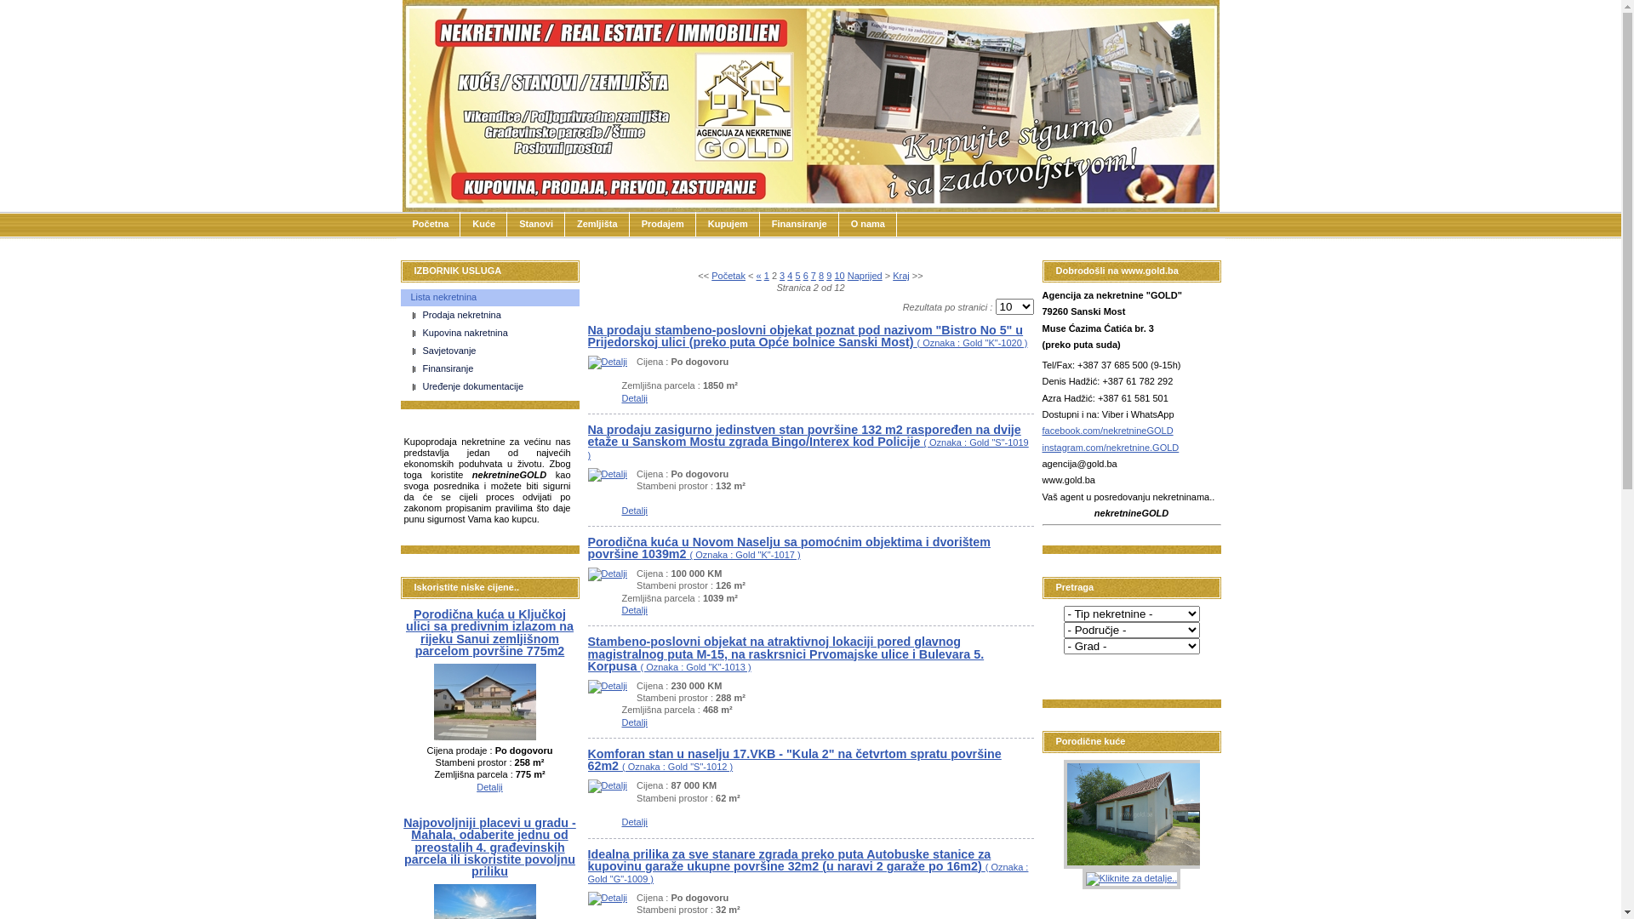  What do you see at coordinates (494, 368) in the screenshot?
I see `'Finansiranje'` at bounding box center [494, 368].